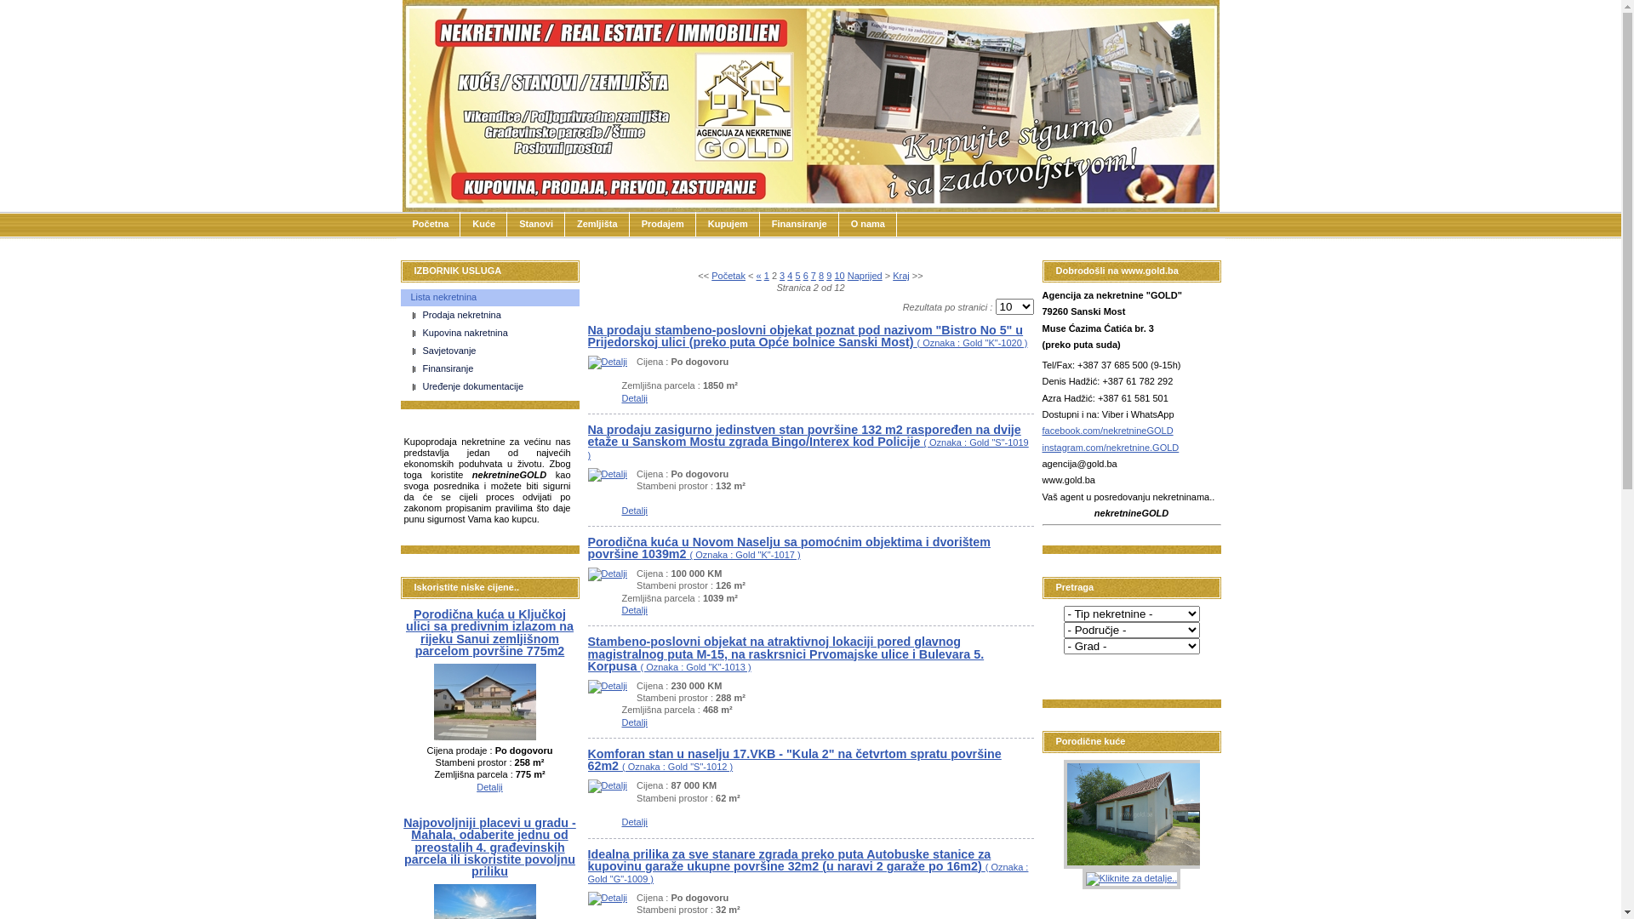  What do you see at coordinates (494, 368) in the screenshot?
I see `'Finansiranje'` at bounding box center [494, 368].